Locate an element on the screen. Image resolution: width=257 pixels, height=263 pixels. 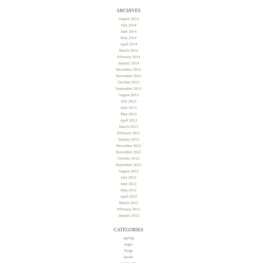
'February 2014' is located at coordinates (128, 56).